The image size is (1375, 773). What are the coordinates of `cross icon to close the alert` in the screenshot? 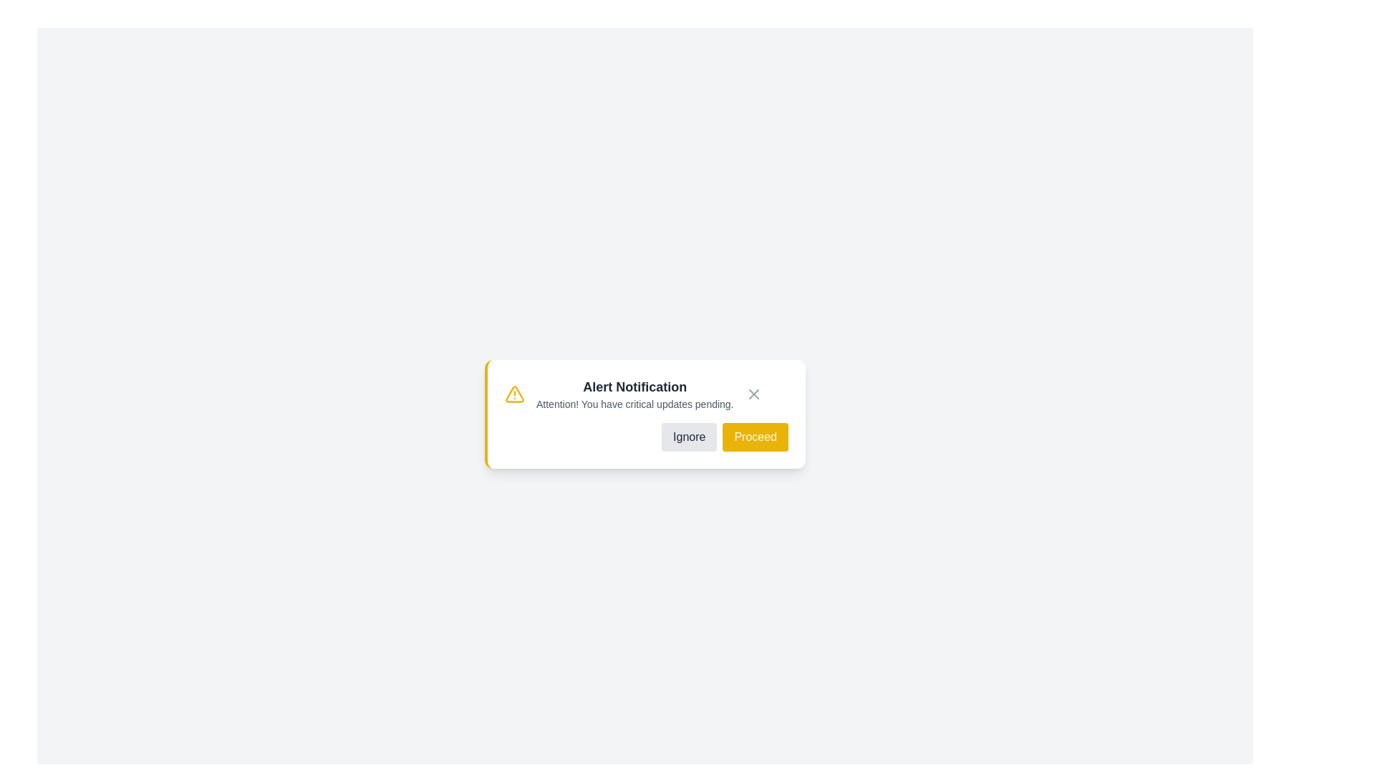 It's located at (753, 394).